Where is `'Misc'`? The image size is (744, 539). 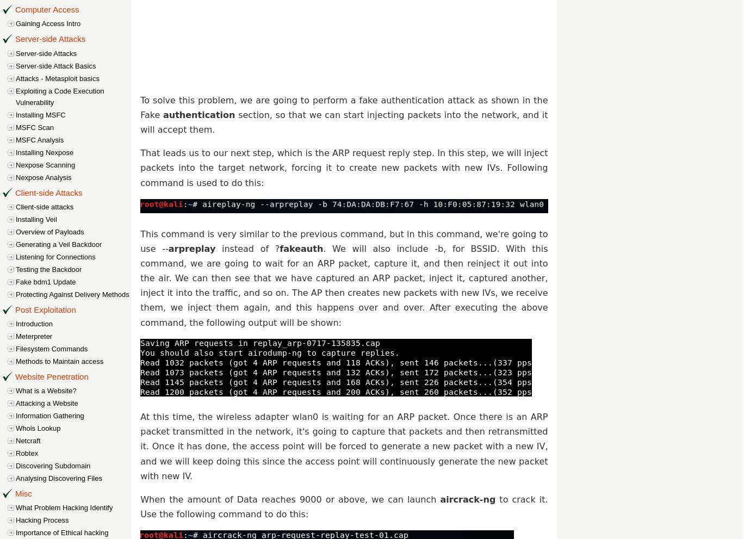 'Misc' is located at coordinates (23, 493).